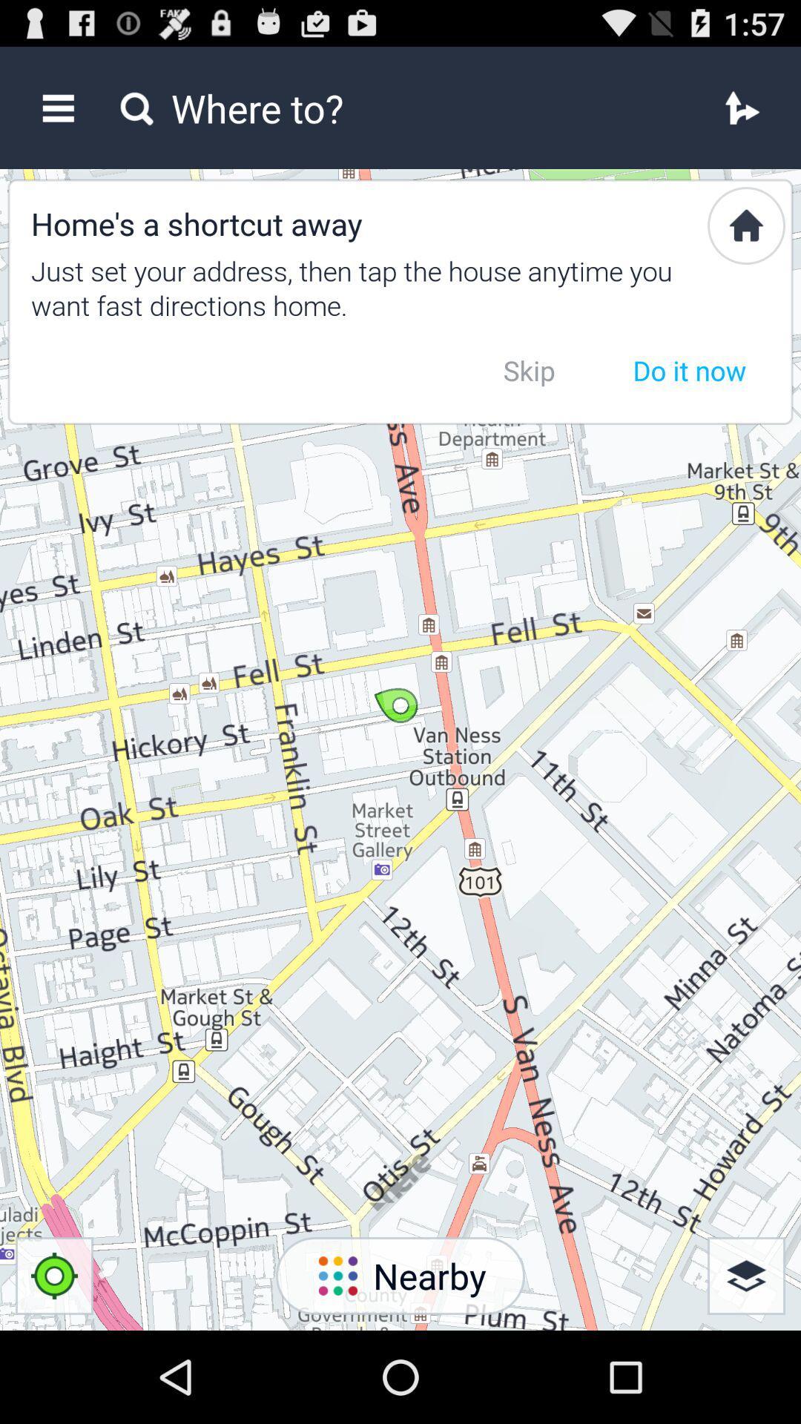 Image resolution: width=801 pixels, height=1424 pixels. What do you see at coordinates (57, 114) in the screenshot?
I see `the menu icon` at bounding box center [57, 114].